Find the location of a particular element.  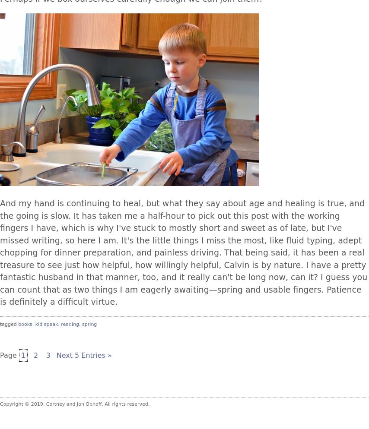

'Copyright © 2019, Cortney and Jon Ophoff.  All rights reserved.' is located at coordinates (75, 404).